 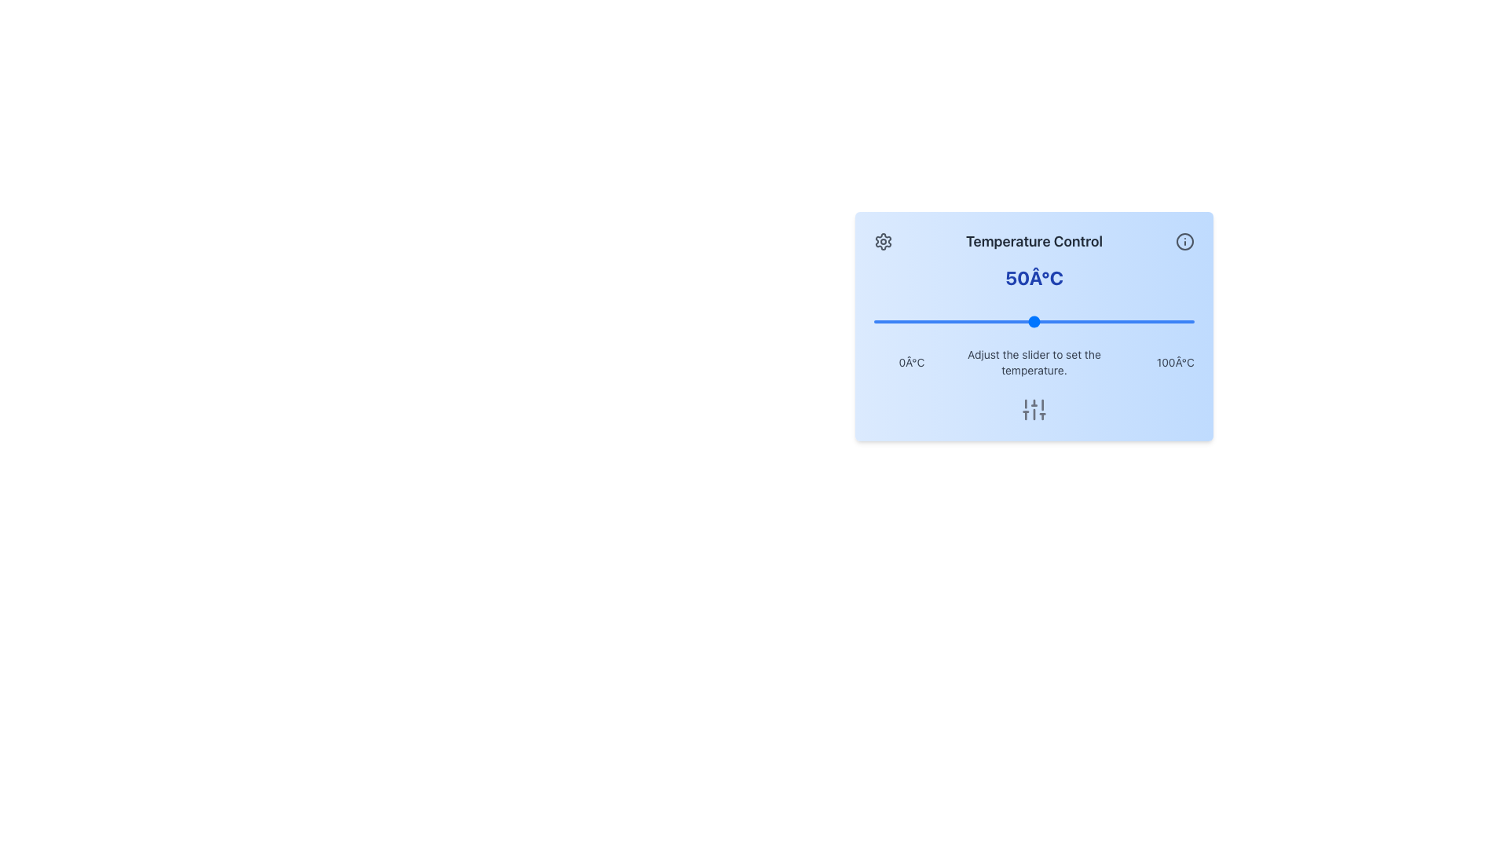 I want to click on the instructional text element that guides users about the functionality of the temperature slider, located between '0°C' and '100°C', so click(x=1034, y=363).